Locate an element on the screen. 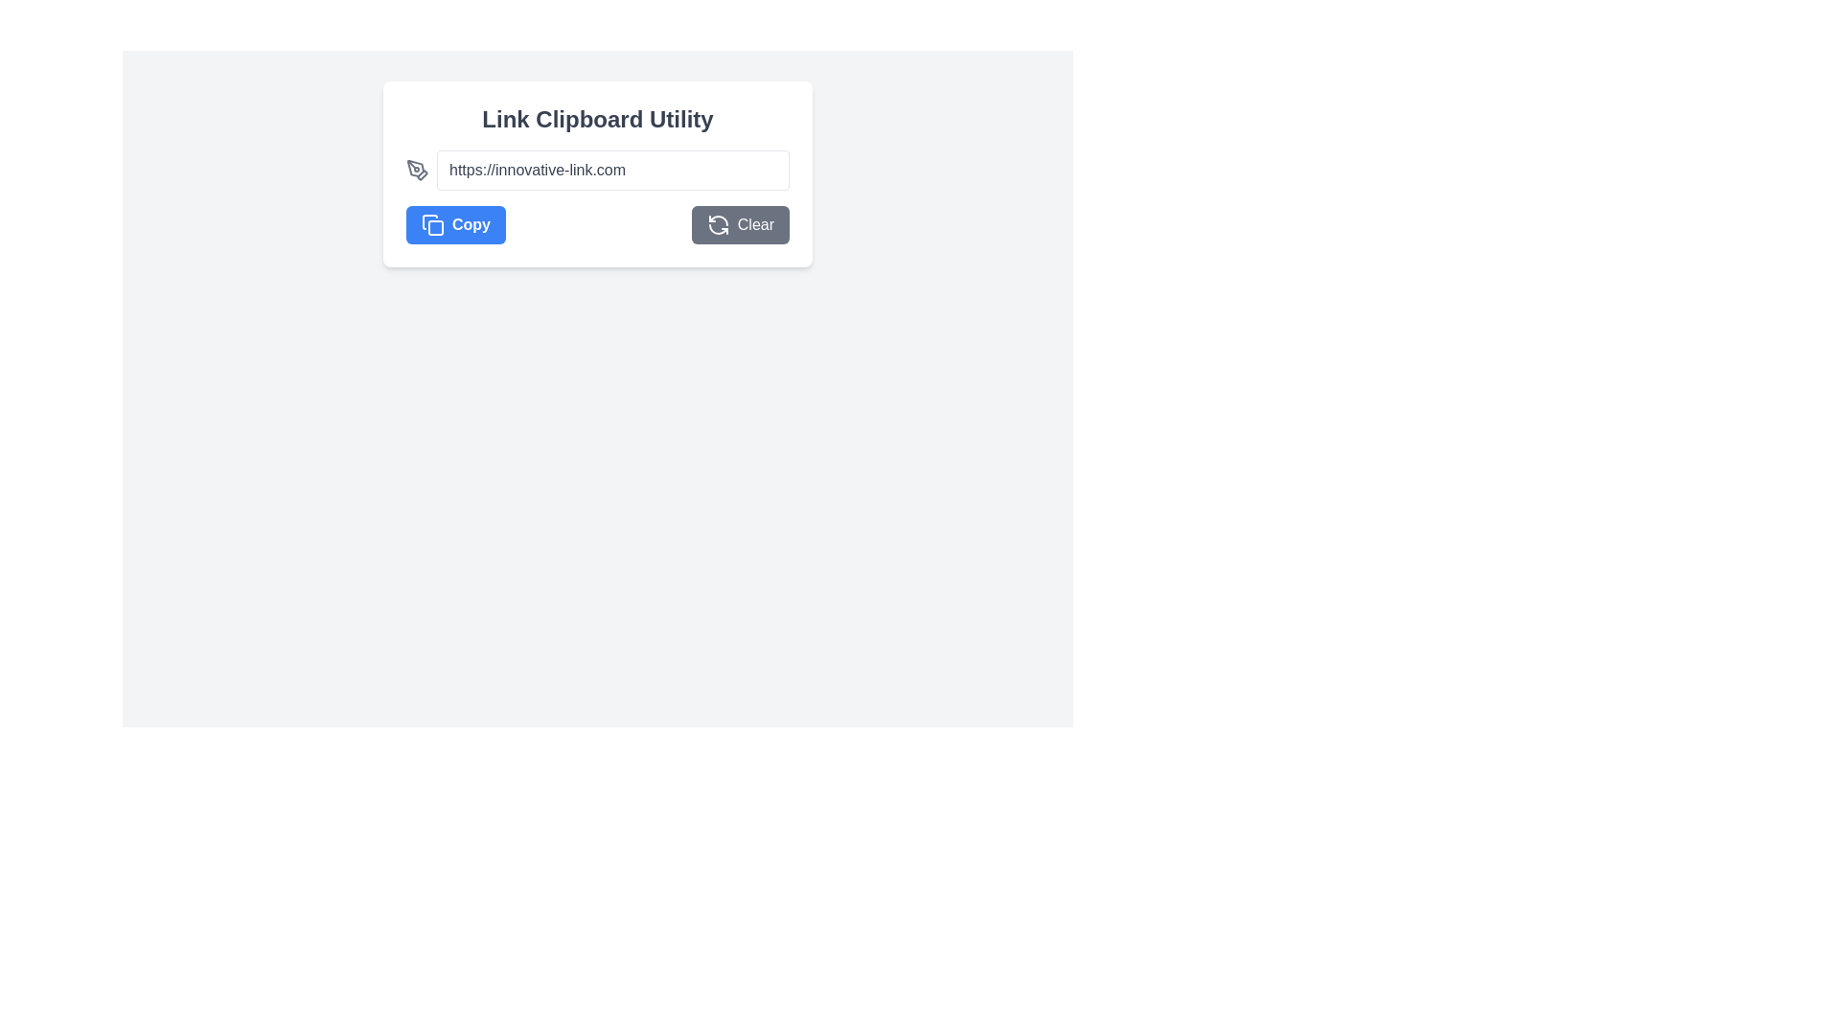  the icon with an outline of two overlapping squares within the 'Copy' button is located at coordinates (431, 224).